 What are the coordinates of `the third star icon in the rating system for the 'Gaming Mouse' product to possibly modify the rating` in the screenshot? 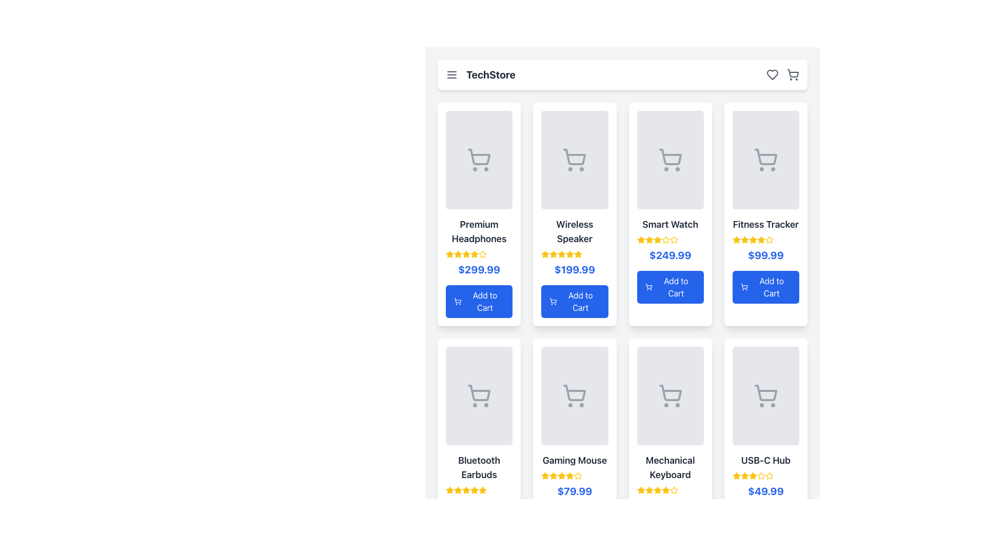 It's located at (561, 475).